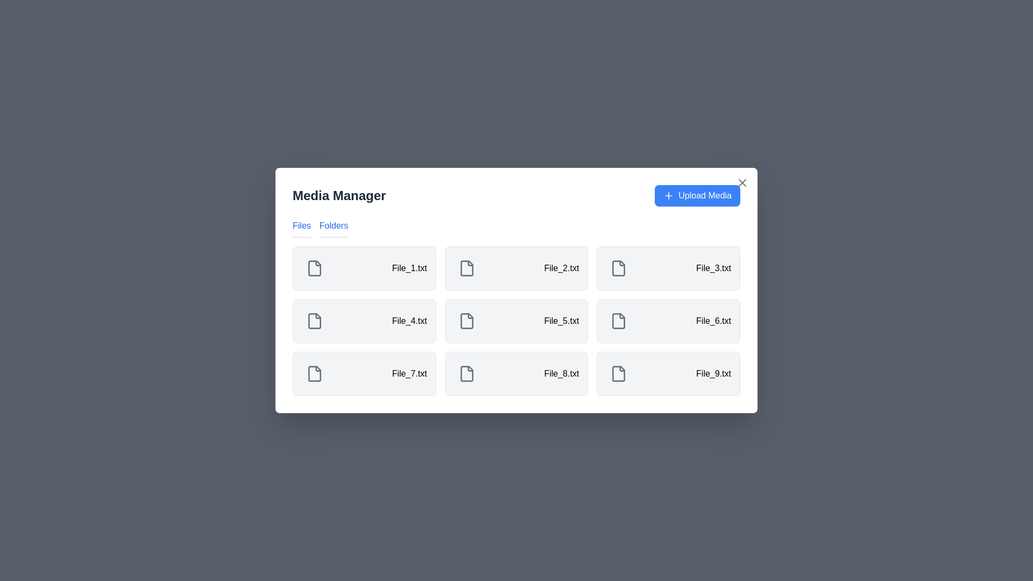 The height and width of the screenshot is (581, 1033). What do you see at coordinates (697, 195) in the screenshot?
I see `the blue rectangular button labeled 'Upload Media' with a plus (+) icon` at bounding box center [697, 195].